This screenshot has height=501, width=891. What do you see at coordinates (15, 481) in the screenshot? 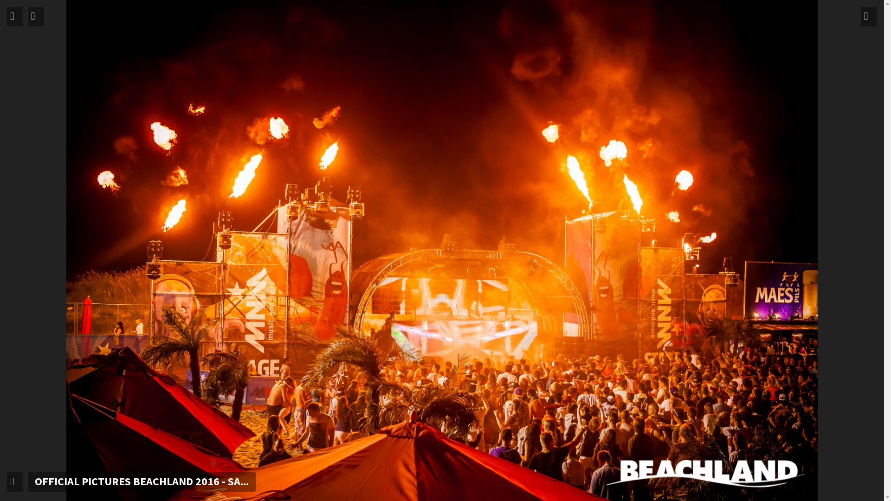
I see `' '` at bounding box center [15, 481].